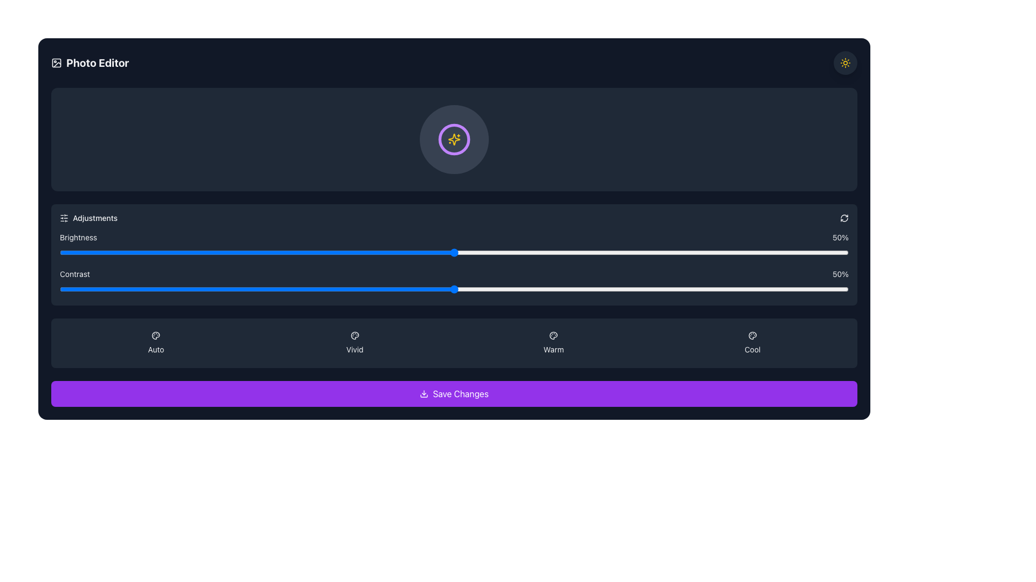 The width and height of the screenshot is (1036, 582). Describe the element at coordinates (78, 237) in the screenshot. I see `the 'Brightness' label element, which displays the word 'Brightness' in white on a dark background, located in the 'Adjustments' section of the interface` at that location.